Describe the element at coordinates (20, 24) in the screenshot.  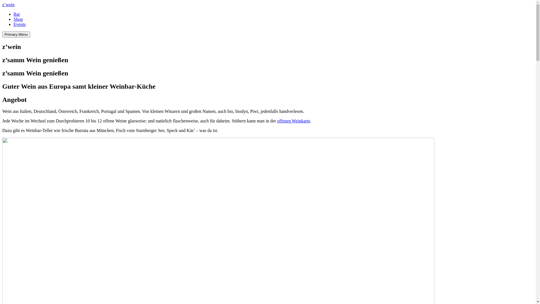
I see `'Events'` at that location.